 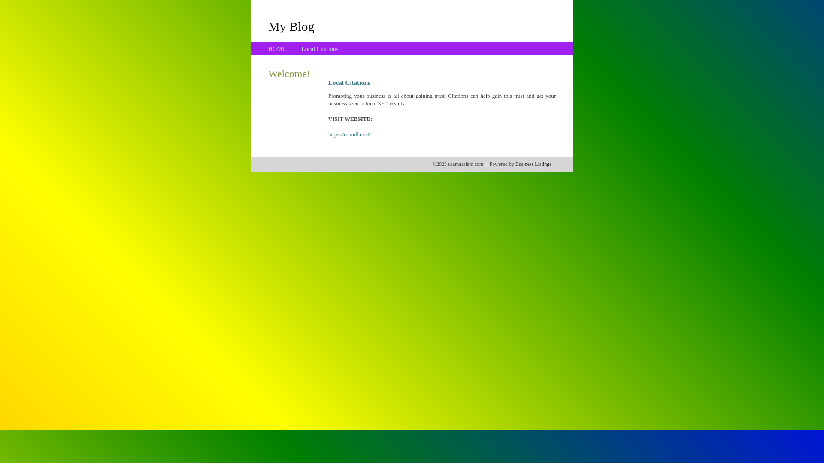 I want to click on 'Local Citations', so click(x=319, y=49).